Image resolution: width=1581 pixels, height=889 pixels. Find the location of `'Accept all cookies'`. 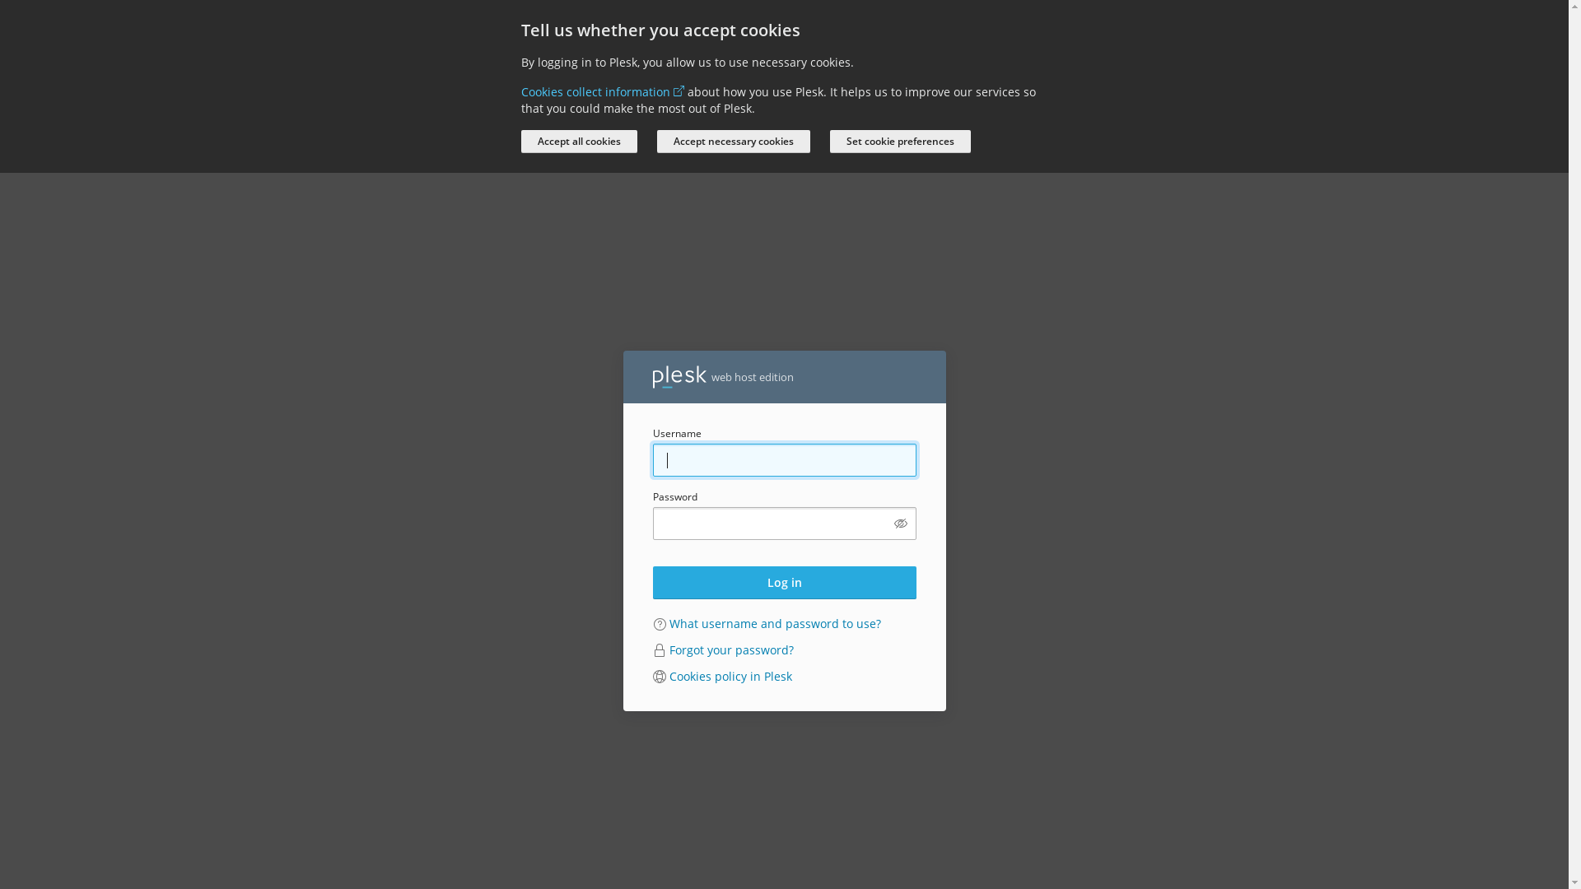

'Accept all cookies' is located at coordinates (578, 141).